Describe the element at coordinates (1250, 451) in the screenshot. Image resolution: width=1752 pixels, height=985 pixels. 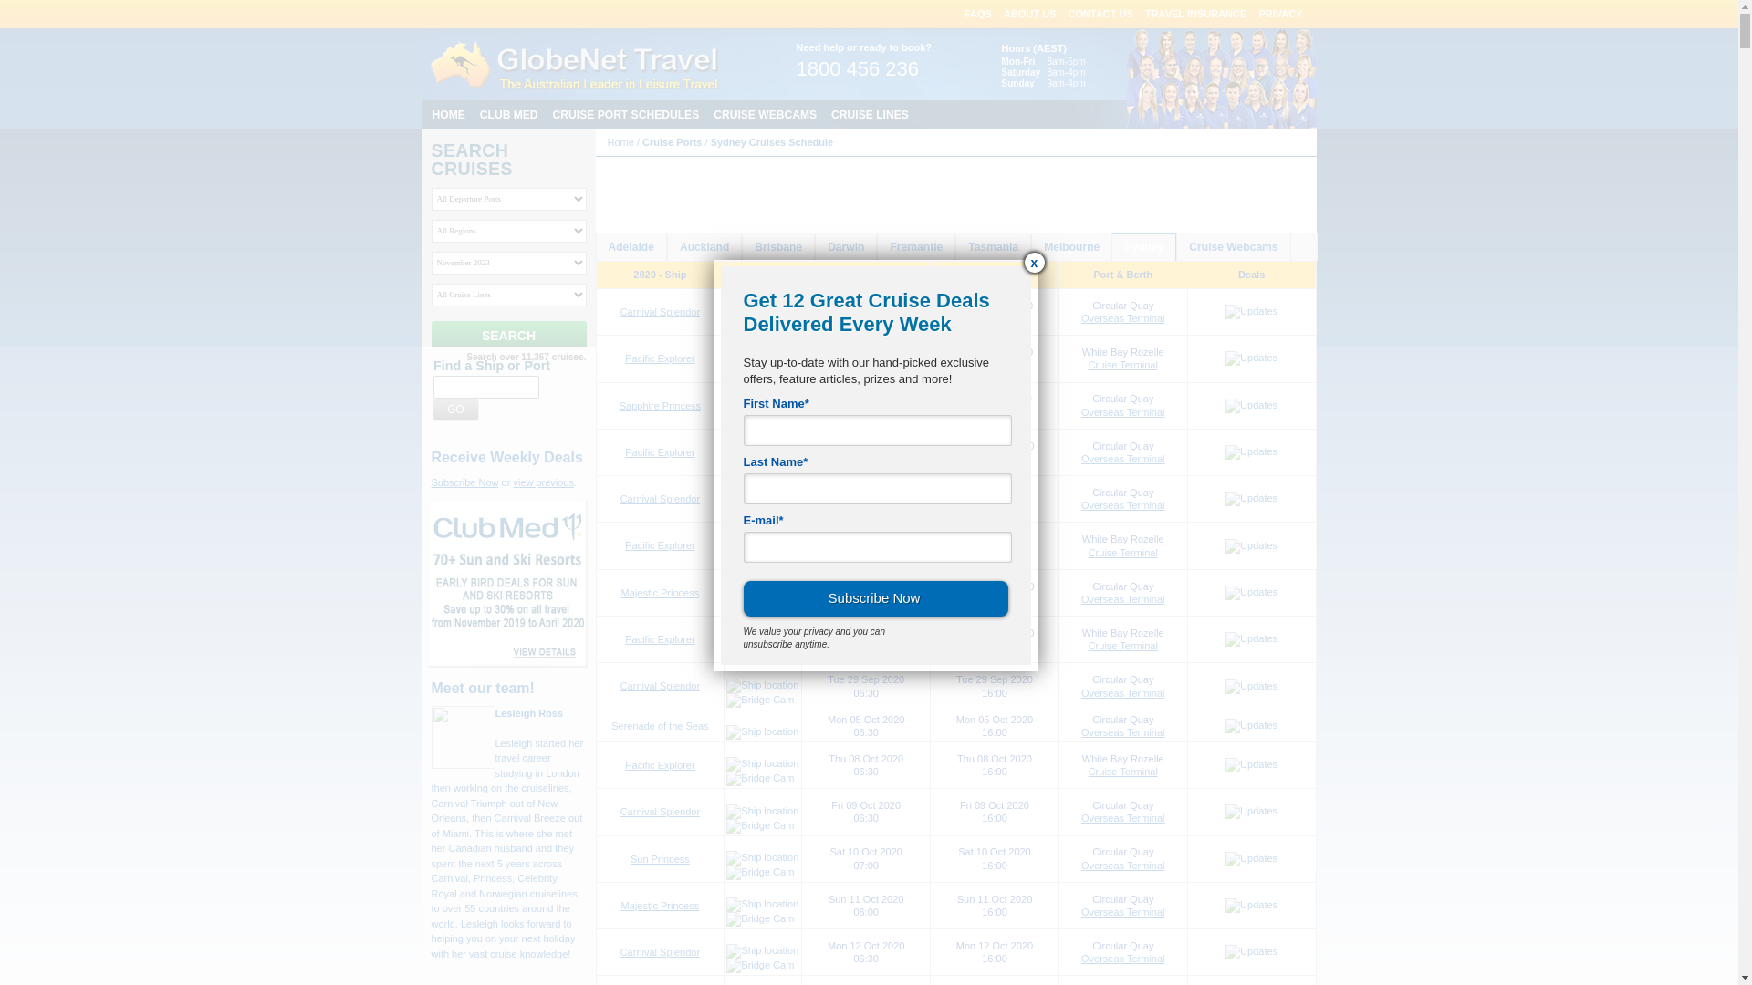
I see `'Updates'` at that location.